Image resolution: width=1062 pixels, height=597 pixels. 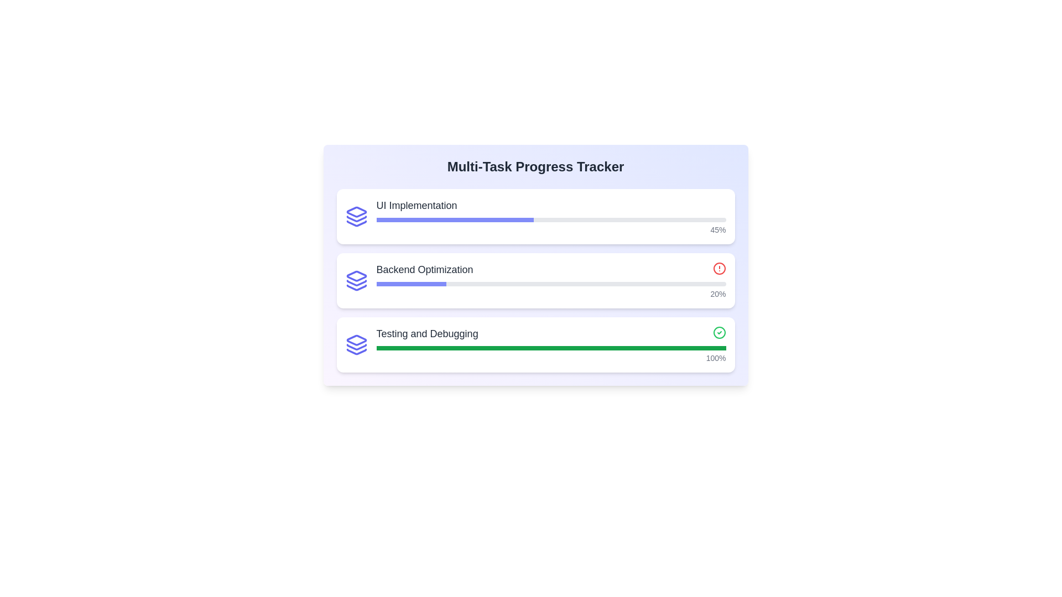 I want to click on the distinctive geometric shape icon resembling the top of multiple stacked layers, which is part of a three-layered icon in a purple theme, located next to the 'Backend Optimization' label, so click(x=356, y=275).